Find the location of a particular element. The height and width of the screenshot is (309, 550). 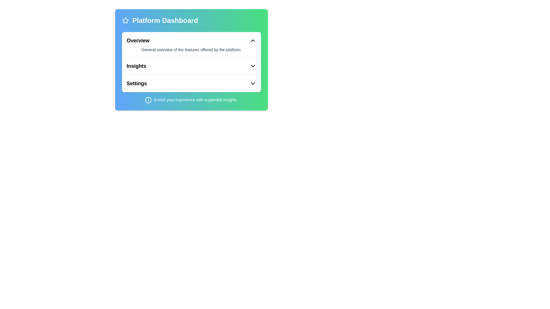

the SVG icon that indicates the 'Settings' section is expandable or collapsible to provide visual feedback is located at coordinates (253, 84).